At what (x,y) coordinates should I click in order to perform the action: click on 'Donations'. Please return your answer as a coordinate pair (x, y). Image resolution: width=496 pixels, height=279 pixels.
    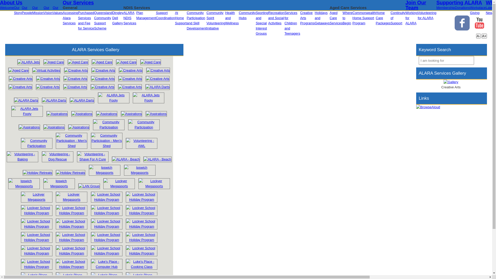
    Looking at the image, I should click on (462, 7).